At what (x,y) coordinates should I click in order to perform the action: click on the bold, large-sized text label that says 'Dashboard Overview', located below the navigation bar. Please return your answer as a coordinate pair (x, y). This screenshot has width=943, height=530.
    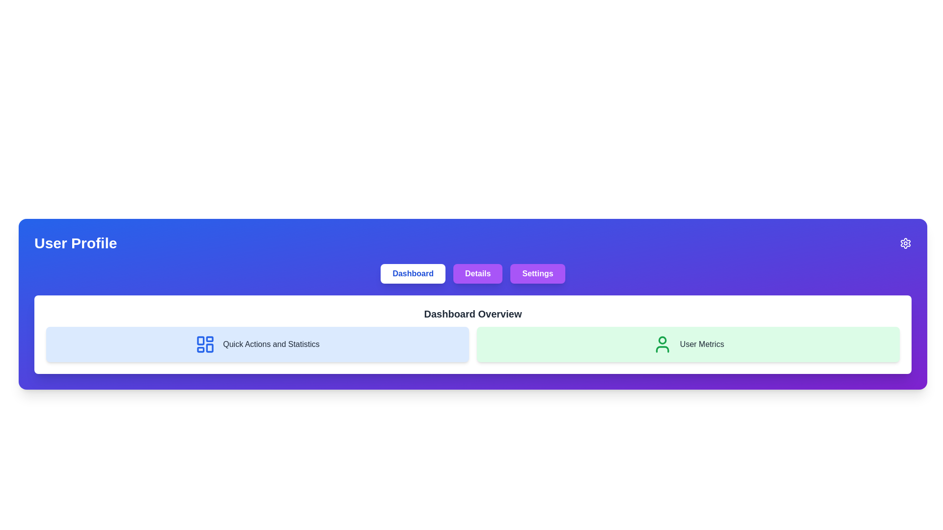
    Looking at the image, I should click on (473, 314).